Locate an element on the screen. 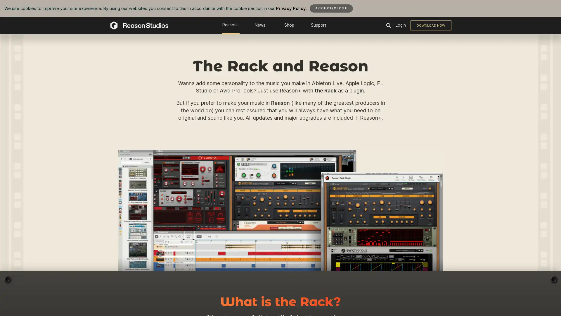 The width and height of the screenshot is (561, 316). Close is located at coordinates (331, 8).